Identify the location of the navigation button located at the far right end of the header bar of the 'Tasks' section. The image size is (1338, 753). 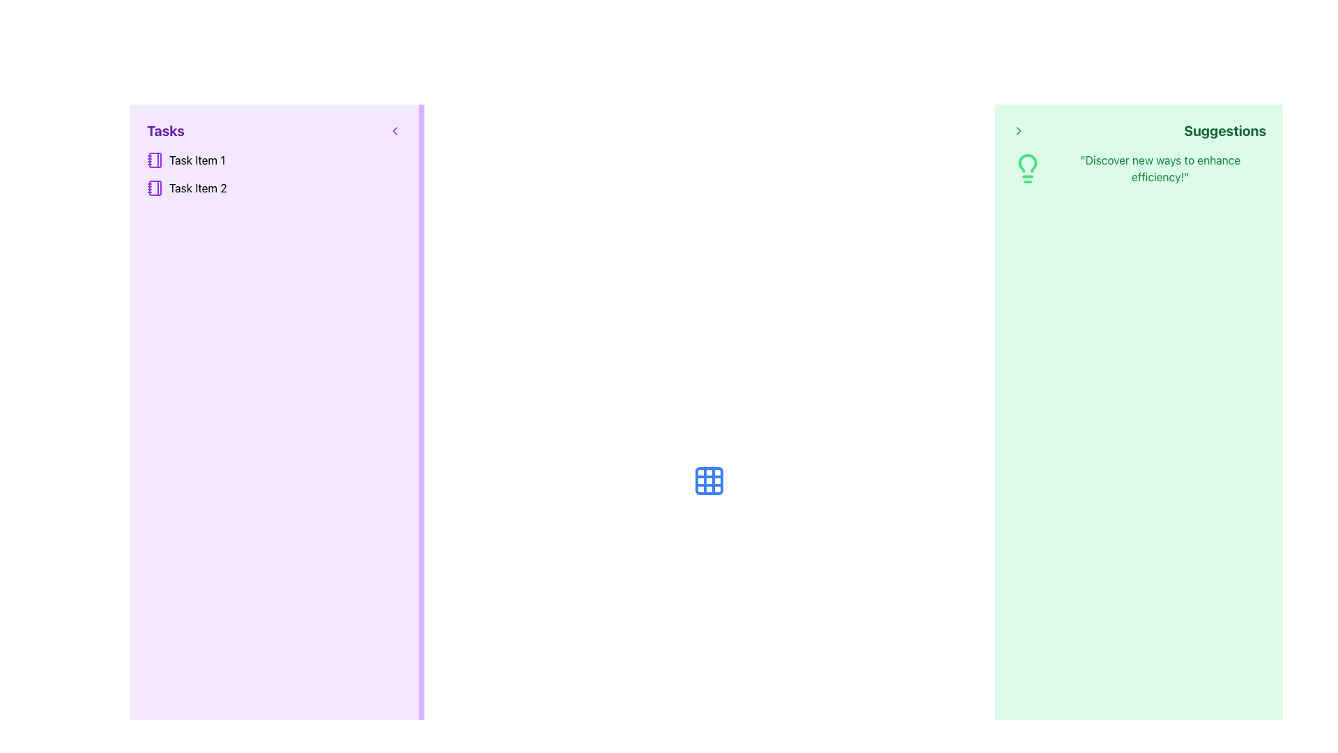
(394, 131).